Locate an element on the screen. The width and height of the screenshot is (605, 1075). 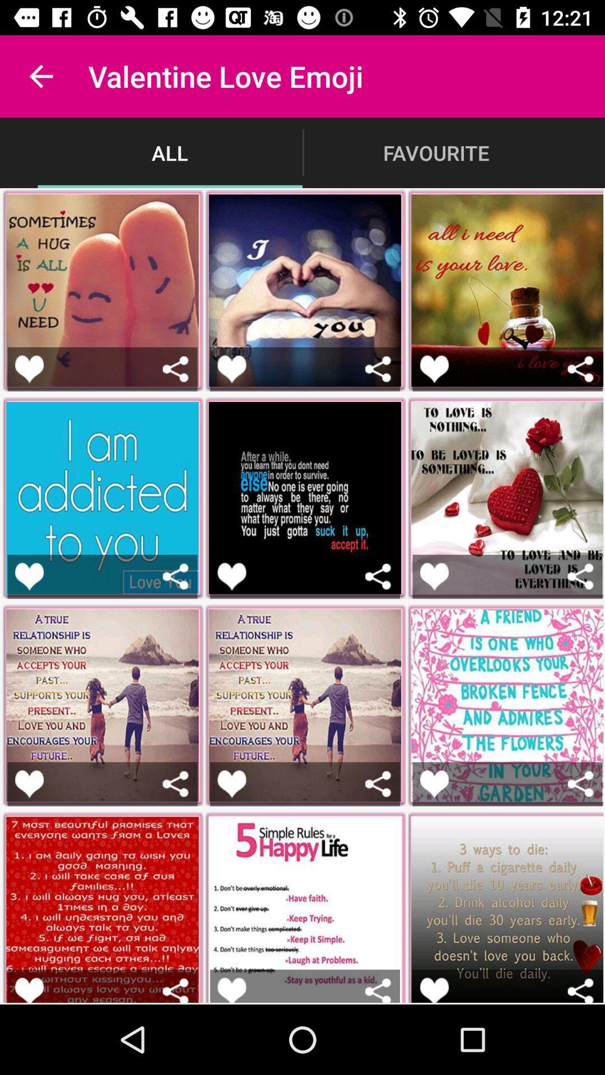
share the picture is located at coordinates (580, 369).